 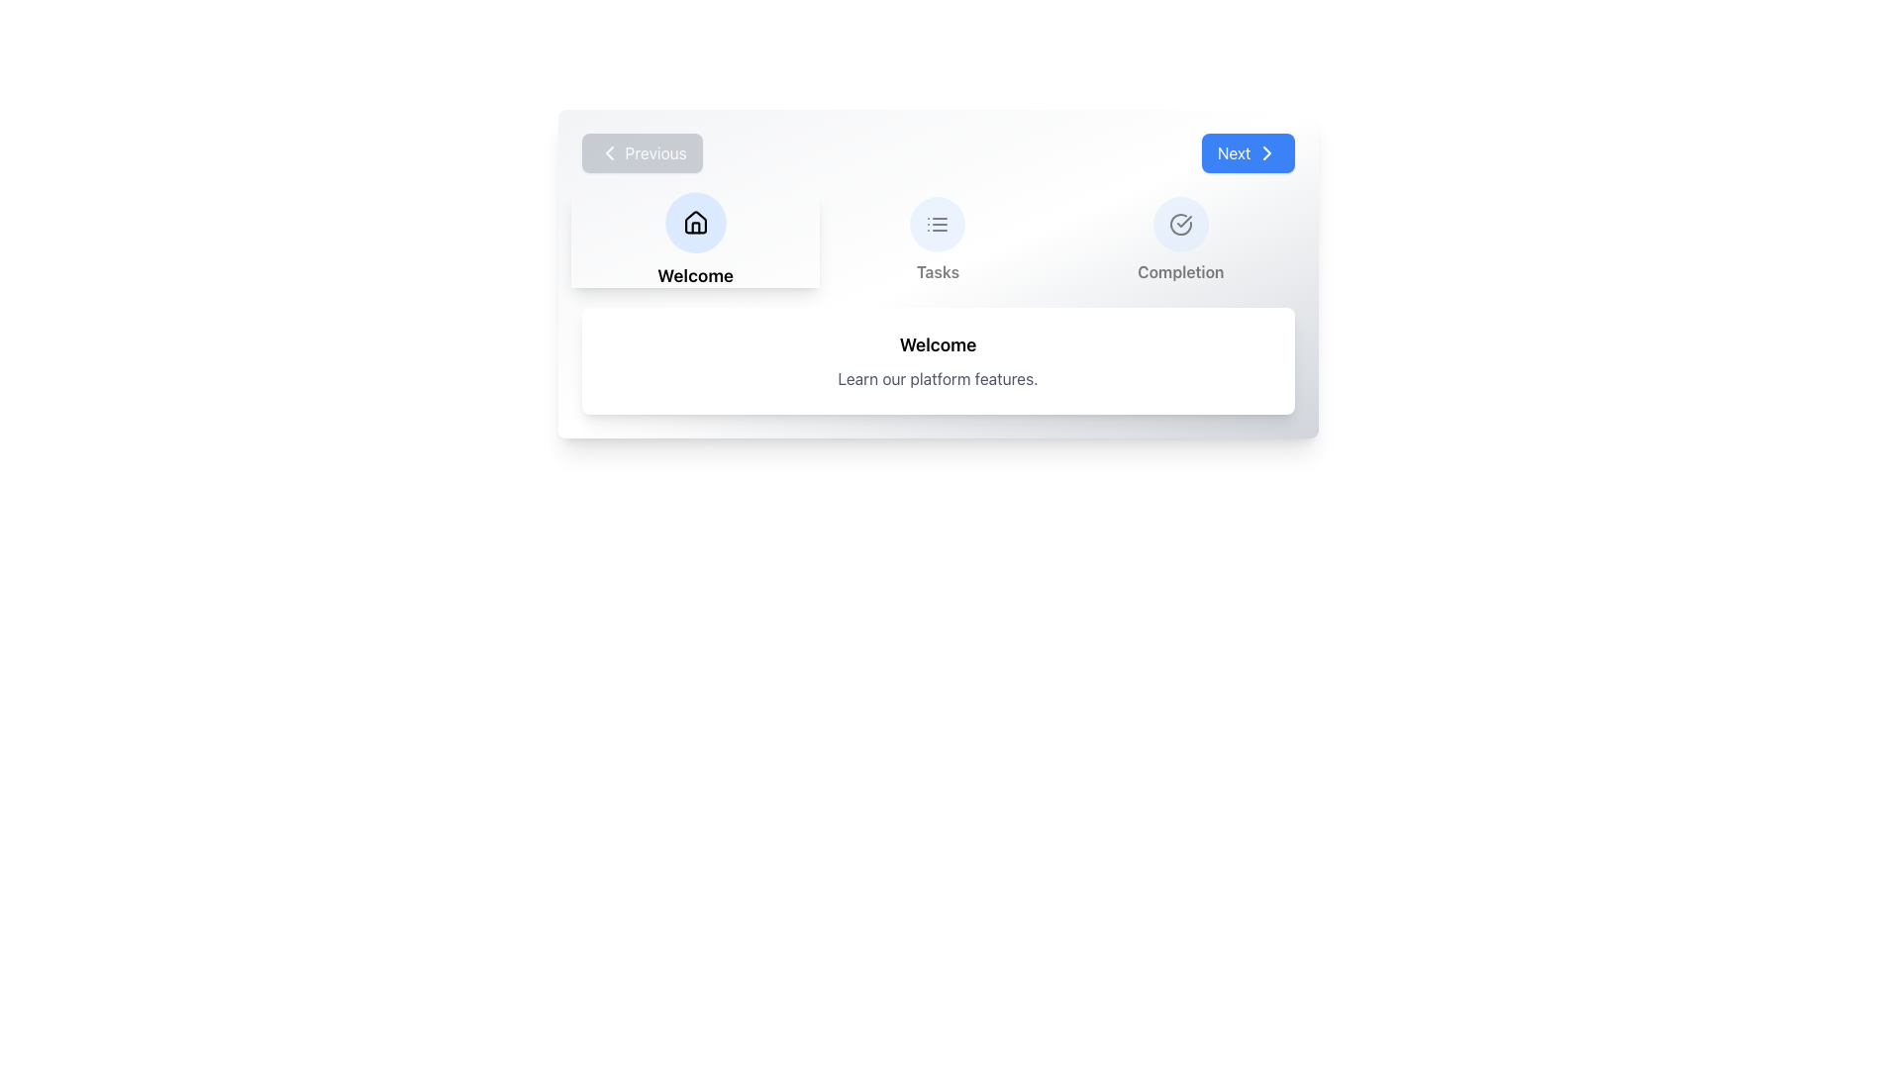 I want to click on the graphical checkmark icon, which is styled, so click(x=1184, y=221).